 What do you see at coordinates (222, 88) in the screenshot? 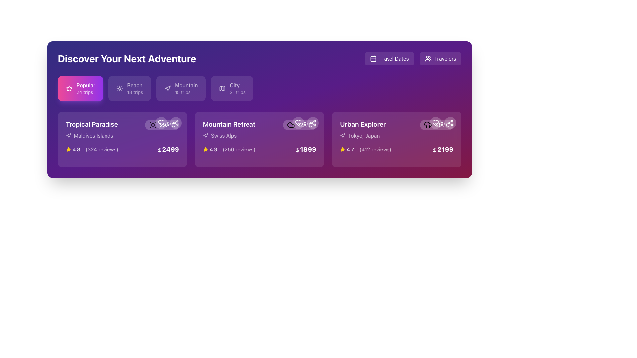
I see `the Vector graphic component within the SVG located at the top-right of the 'Mountain Retreat' card` at bounding box center [222, 88].